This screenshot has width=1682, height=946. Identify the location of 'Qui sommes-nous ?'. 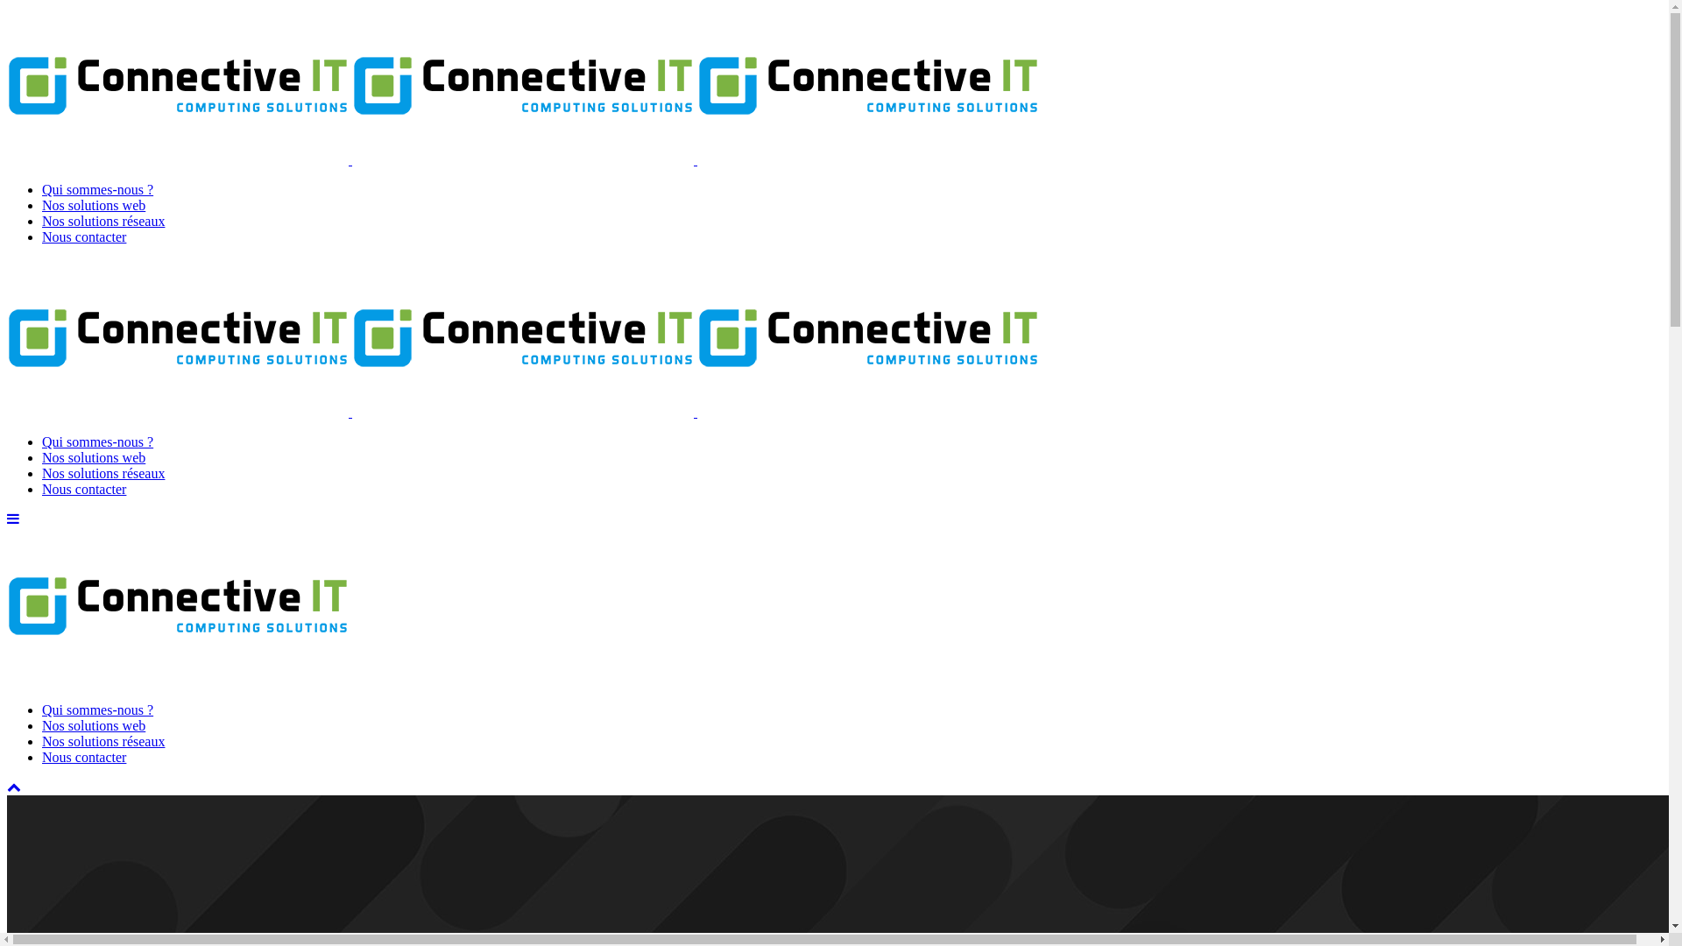
(96, 441).